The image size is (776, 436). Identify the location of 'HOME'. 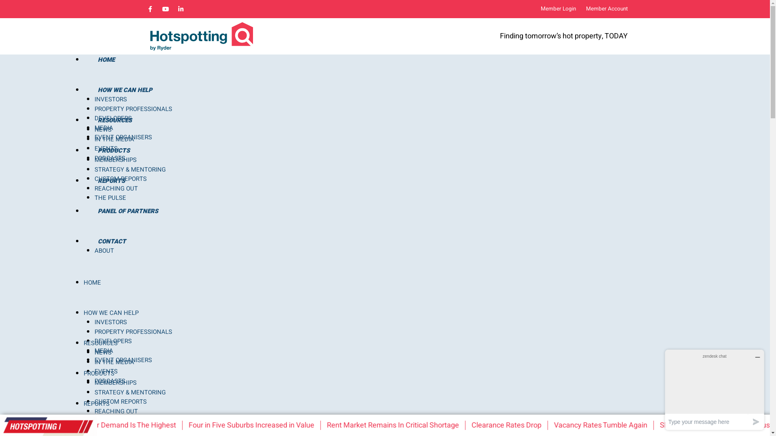
(83, 59).